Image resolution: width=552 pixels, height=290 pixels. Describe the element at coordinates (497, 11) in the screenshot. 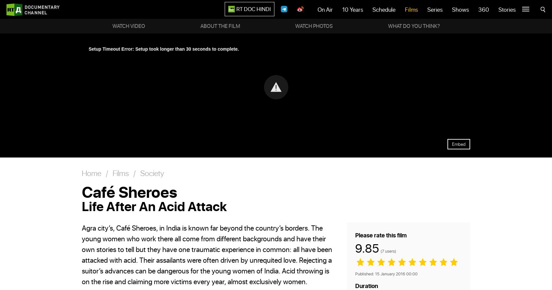

I see `'Quizzes'` at that location.